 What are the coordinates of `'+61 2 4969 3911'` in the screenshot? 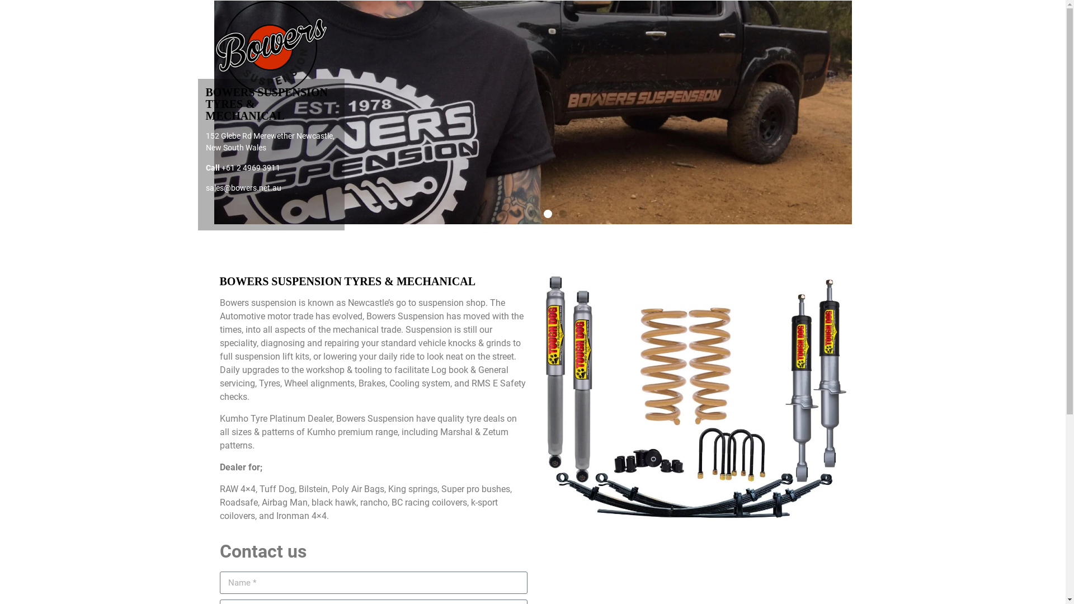 It's located at (250, 168).